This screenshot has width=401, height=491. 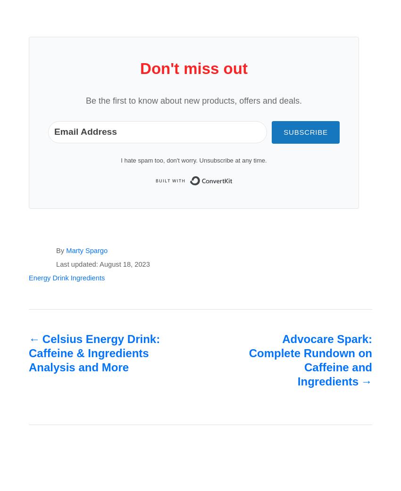 I want to click on 'Built with ConvertKit', so click(x=279, y=180).